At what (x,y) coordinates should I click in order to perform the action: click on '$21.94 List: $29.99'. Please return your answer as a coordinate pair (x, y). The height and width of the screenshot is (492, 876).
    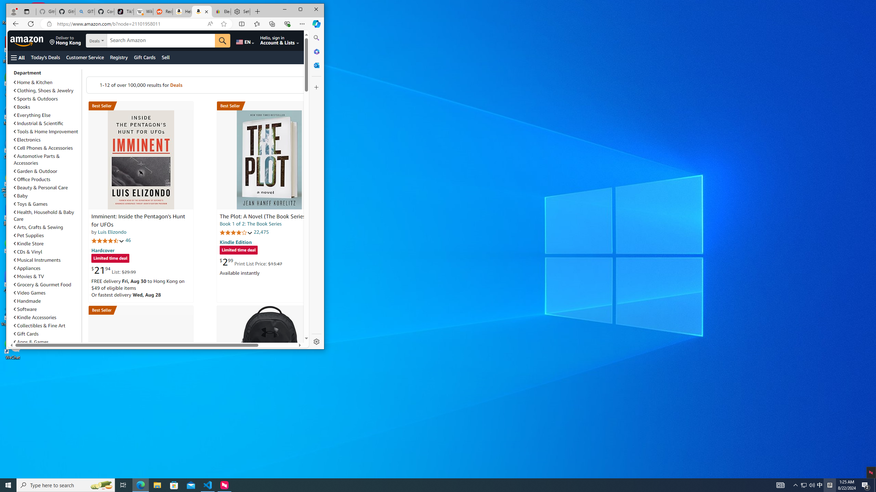
    Looking at the image, I should click on (113, 270).